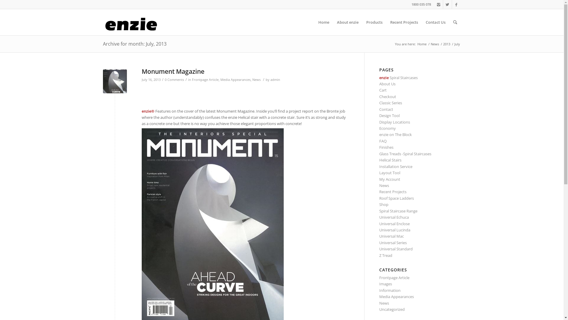 This screenshot has height=320, width=568. What do you see at coordinates (395, 122) in the screenshot?
I see `'Display Locations'` at bounding box center [395, 122].